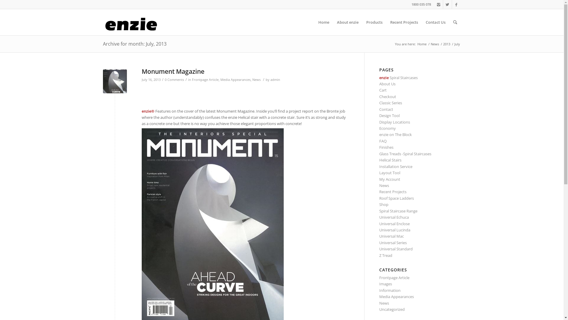 This screenshot has height=320, width=568. What do you see at coordinates (395, 122) in the screenshot?
I see `'Display Locations'` at bounding box center [395, 122].